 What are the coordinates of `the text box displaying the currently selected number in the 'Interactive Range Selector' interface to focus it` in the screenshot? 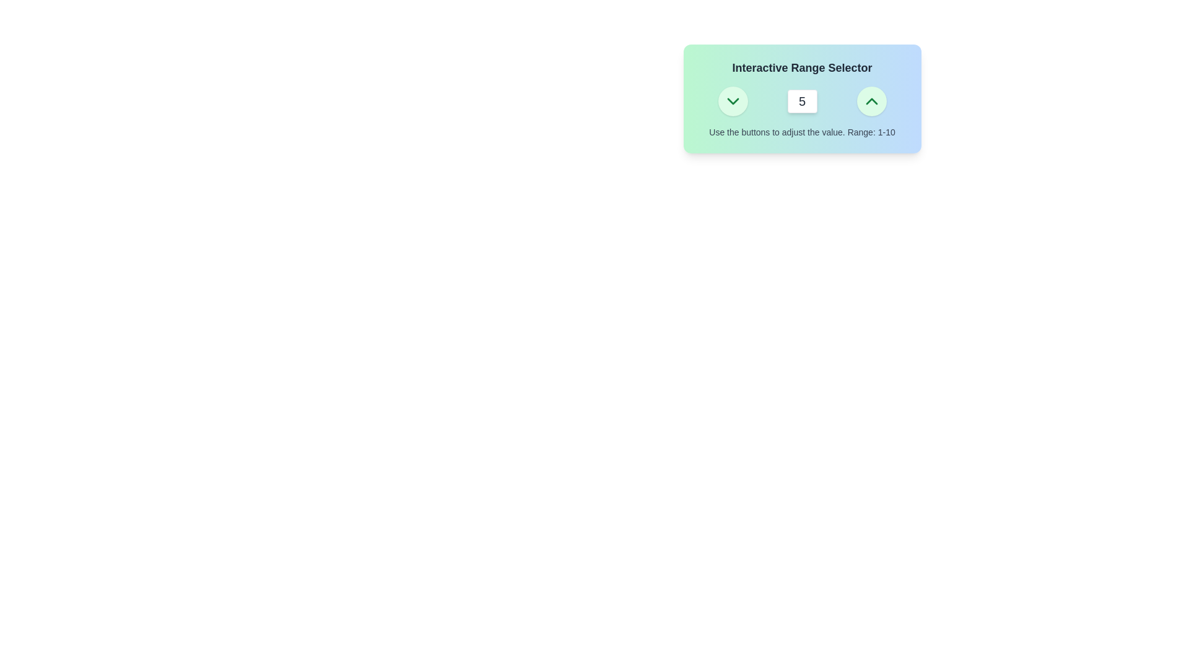 It's located at (802, 101).